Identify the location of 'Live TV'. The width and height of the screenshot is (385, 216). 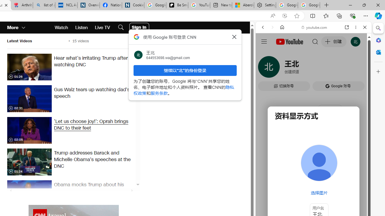
(102, 28).